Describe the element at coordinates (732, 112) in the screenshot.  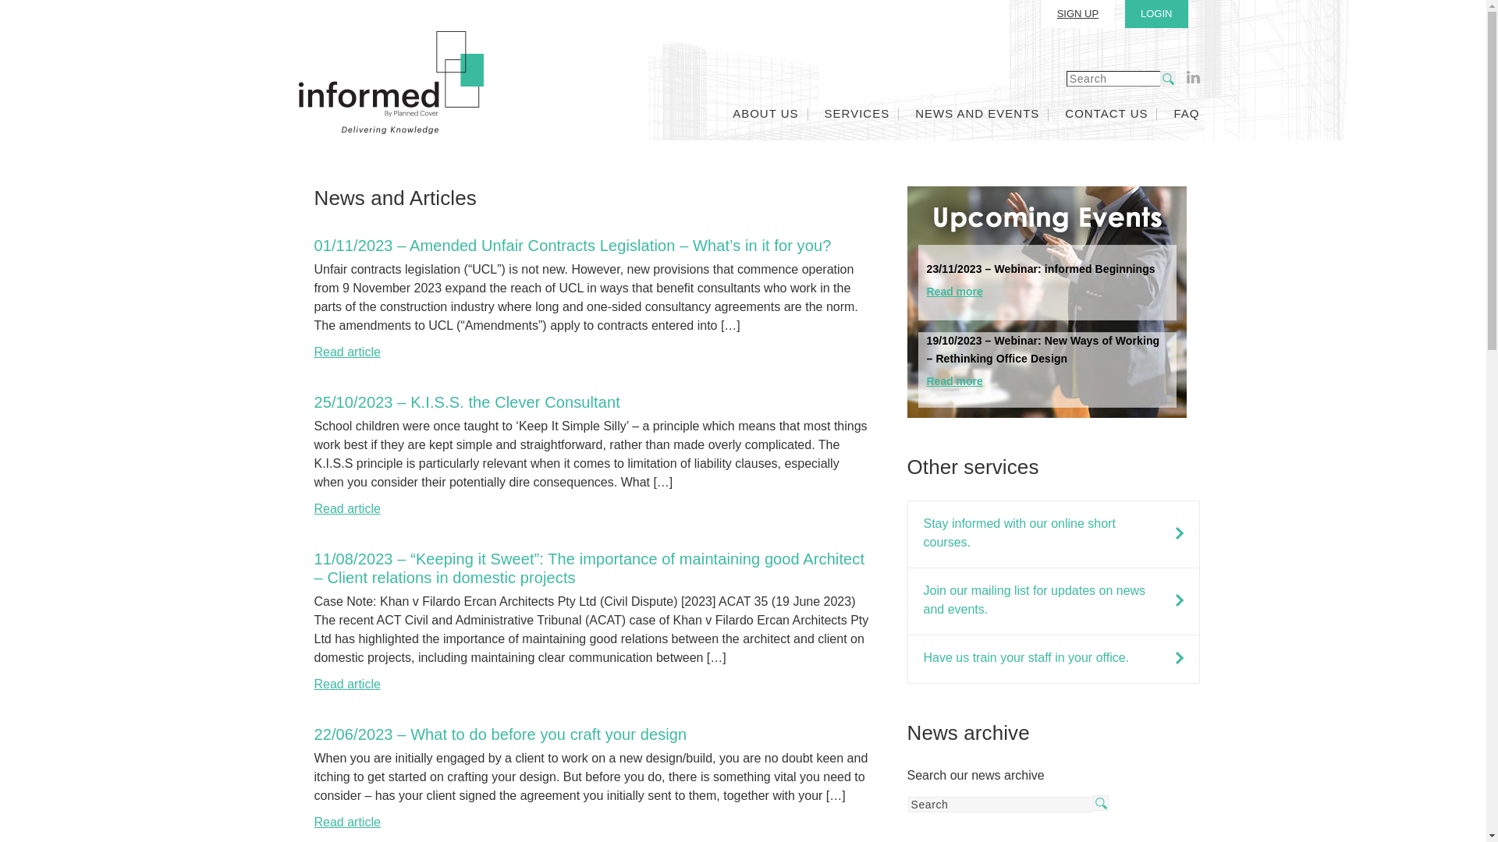
I see `'ABOUT US'` at that location.